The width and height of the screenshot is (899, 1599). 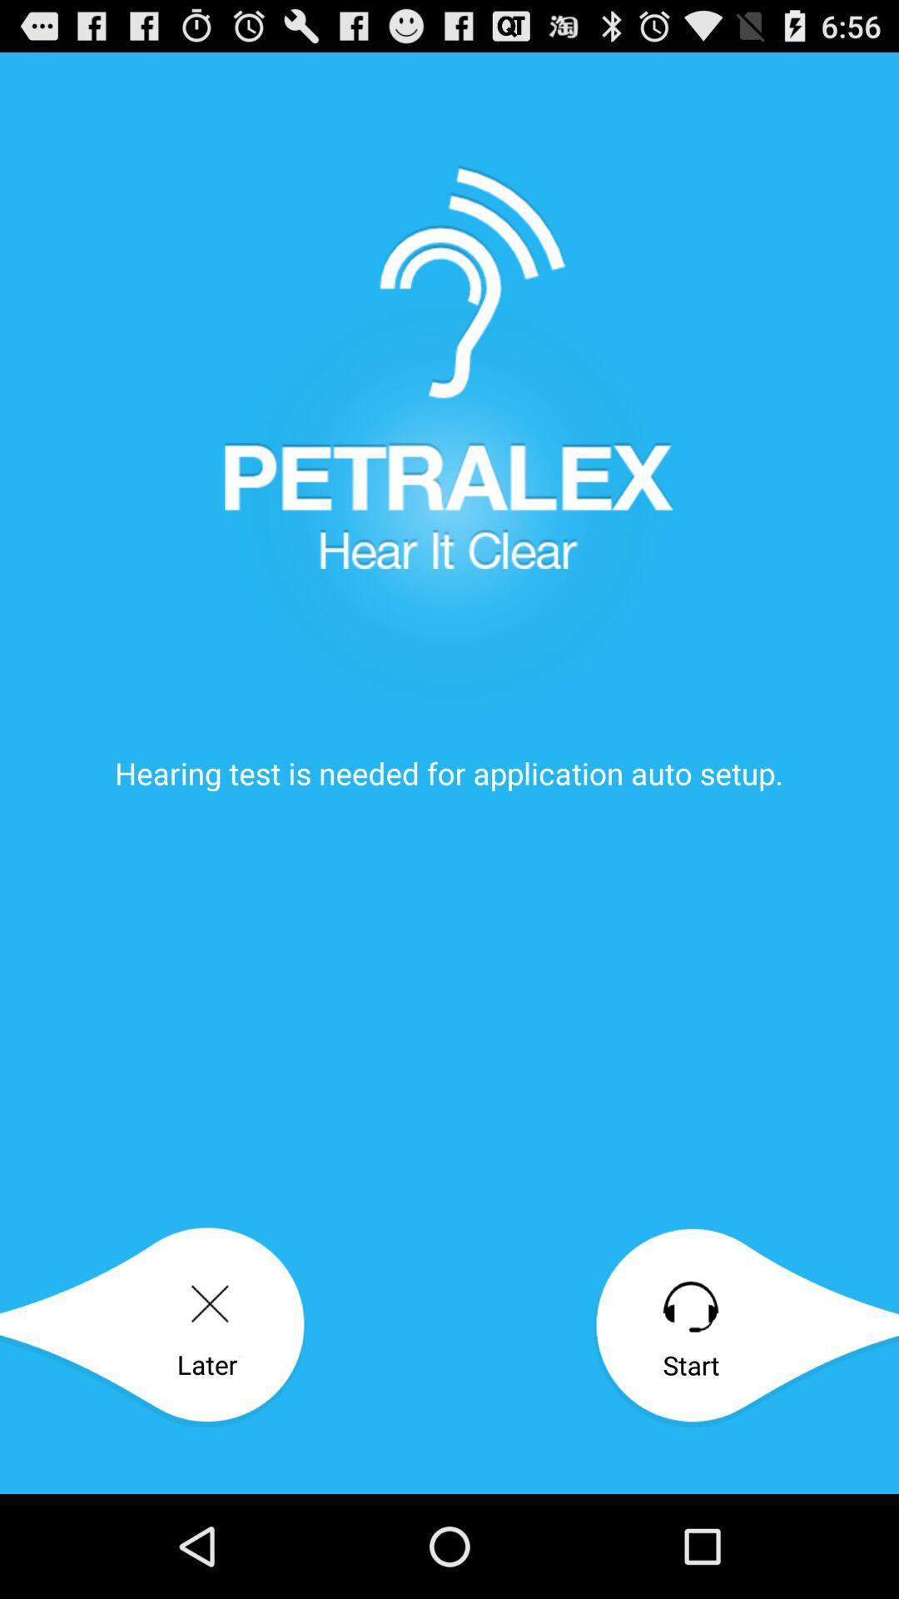 I want to click on icon next to the start icon, so click(x=152, y=1326).